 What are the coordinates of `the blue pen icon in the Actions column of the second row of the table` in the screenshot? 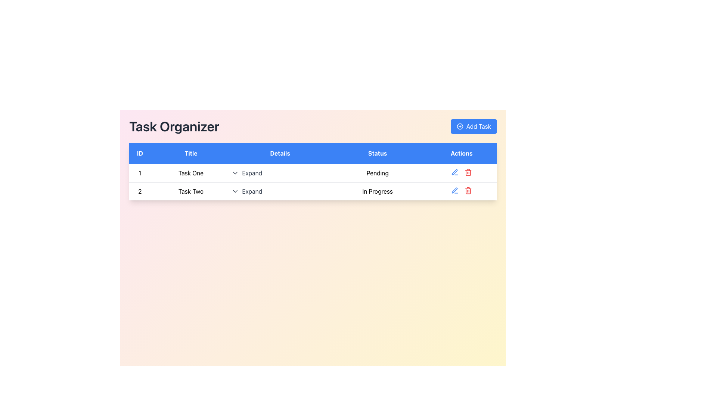 It's located at (454, 172).